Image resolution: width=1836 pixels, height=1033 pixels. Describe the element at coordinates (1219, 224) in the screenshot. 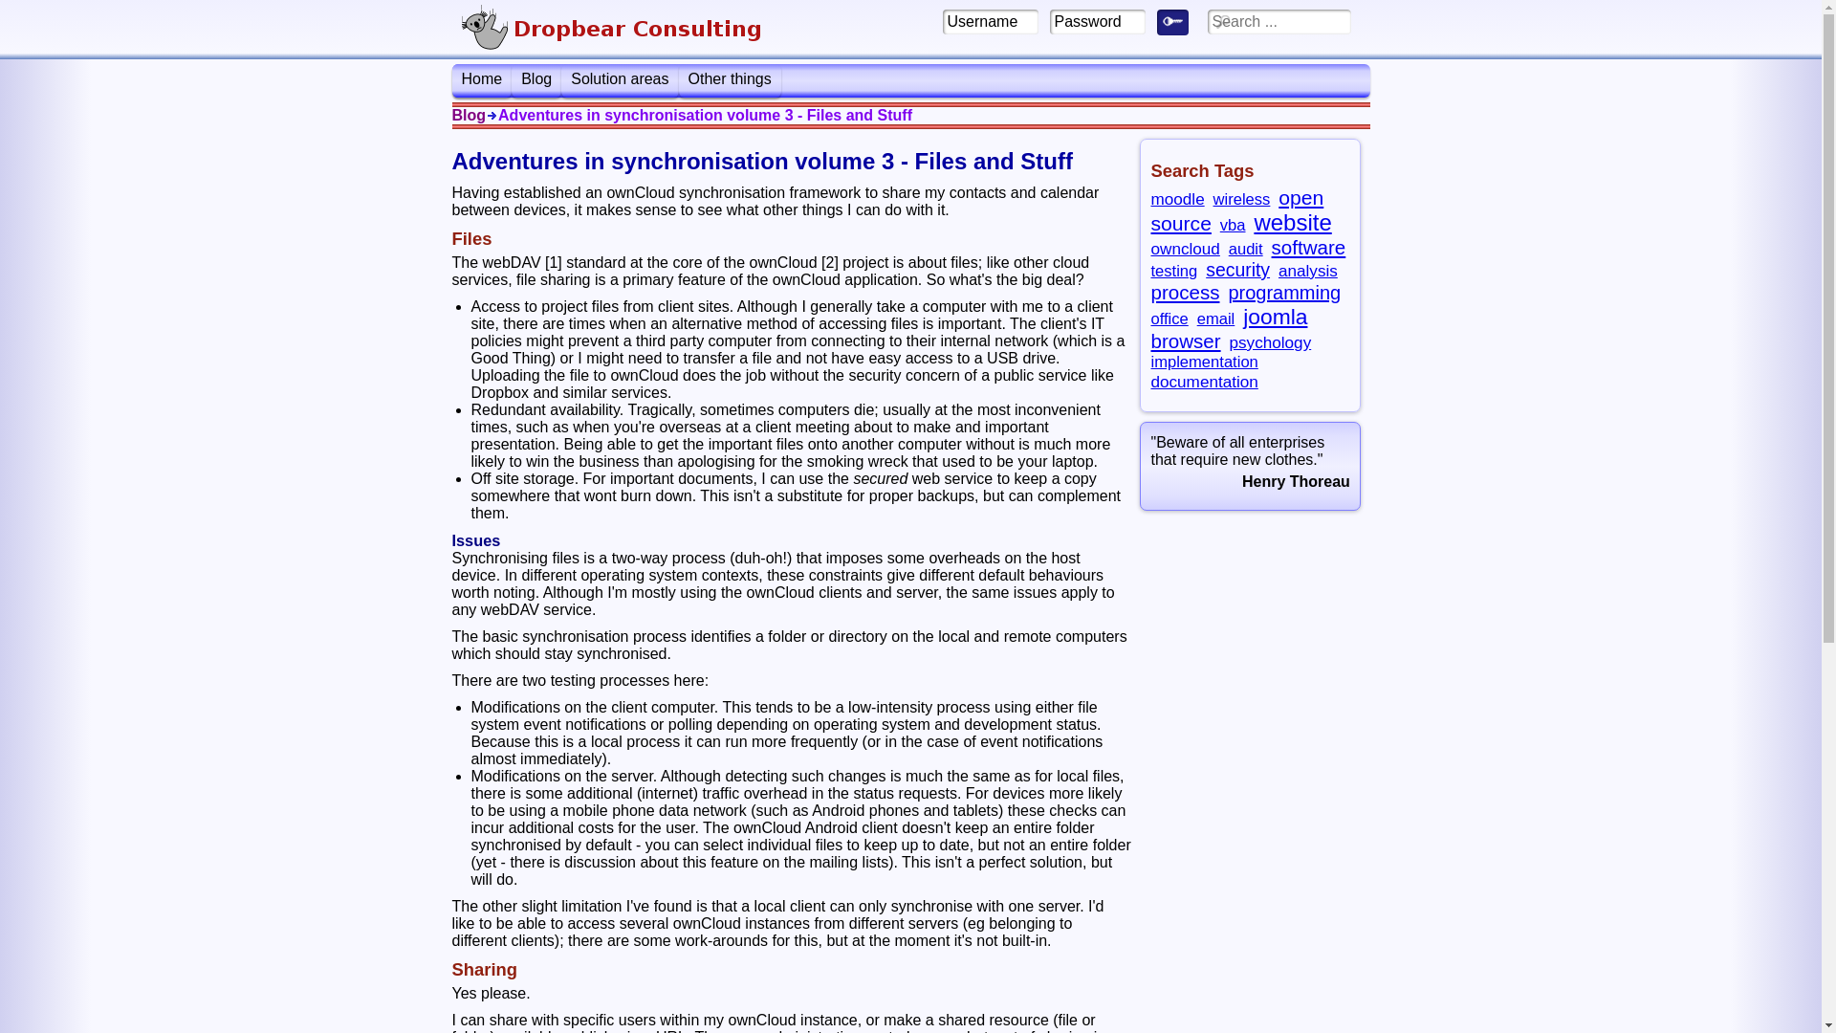

I see `'vba'` at that location.